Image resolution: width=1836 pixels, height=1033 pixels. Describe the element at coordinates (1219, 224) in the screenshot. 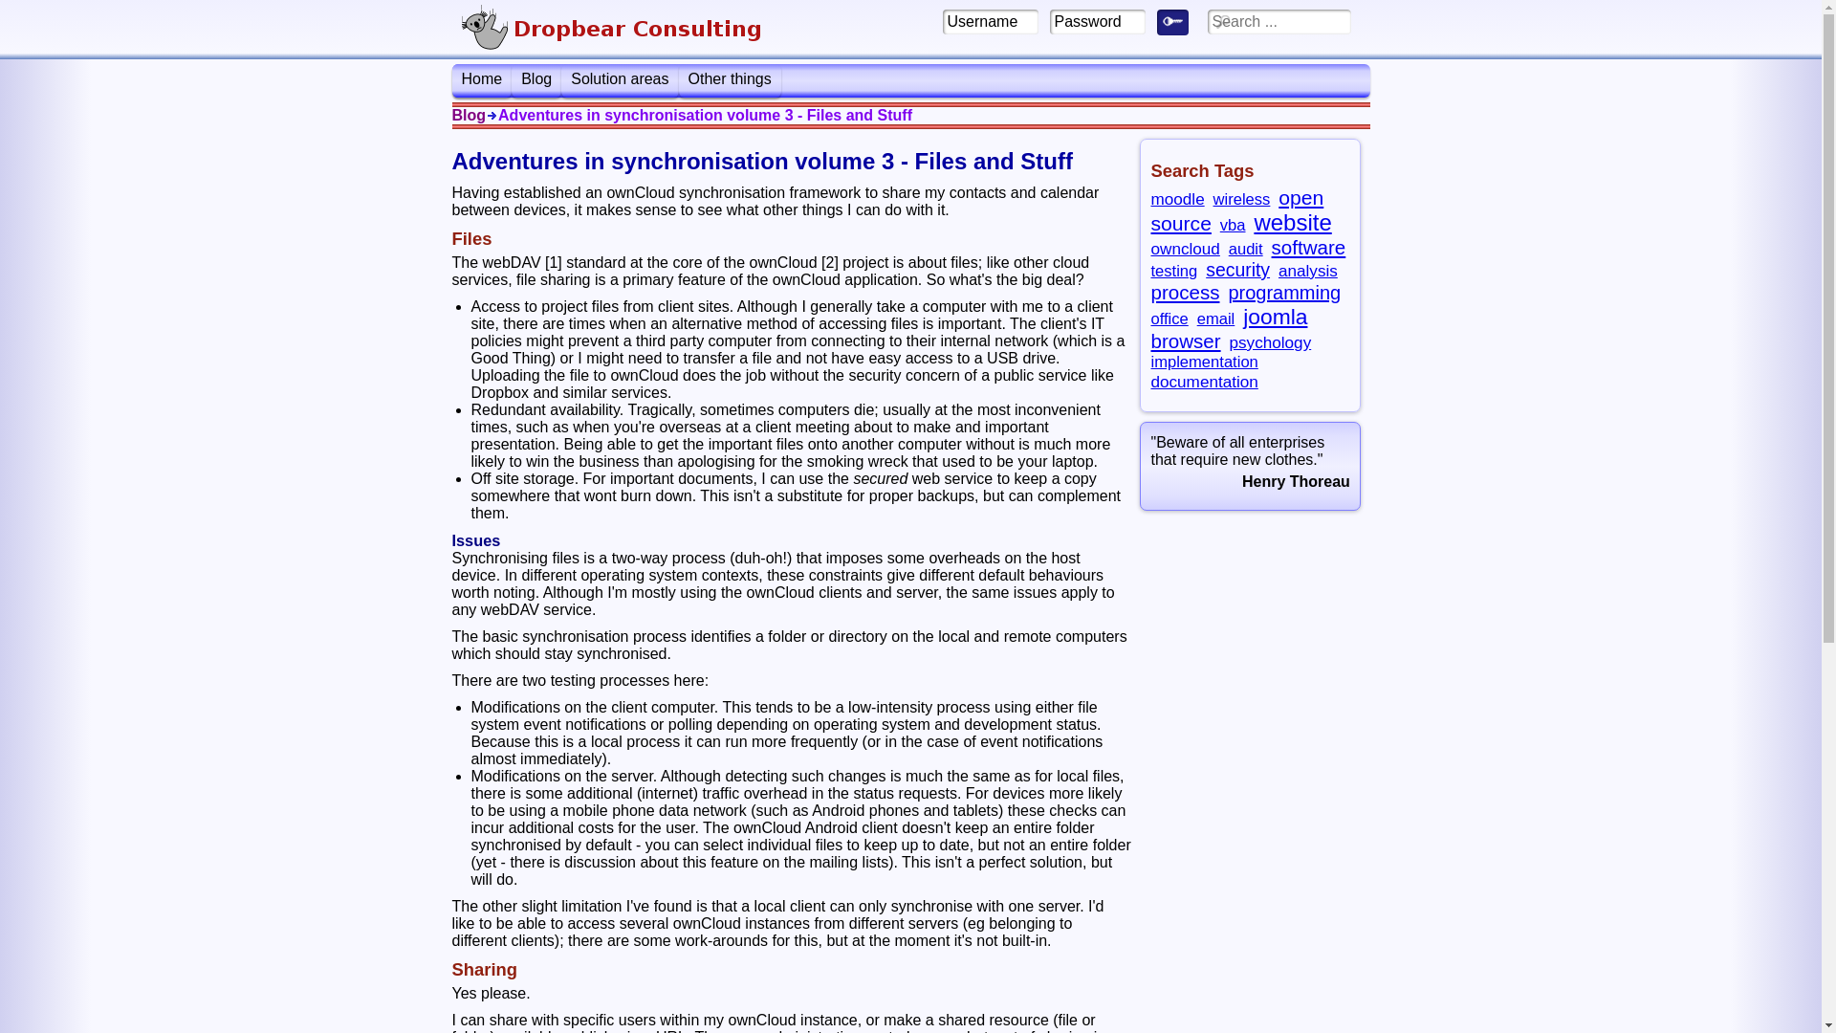

I see `'vba'` at that location.